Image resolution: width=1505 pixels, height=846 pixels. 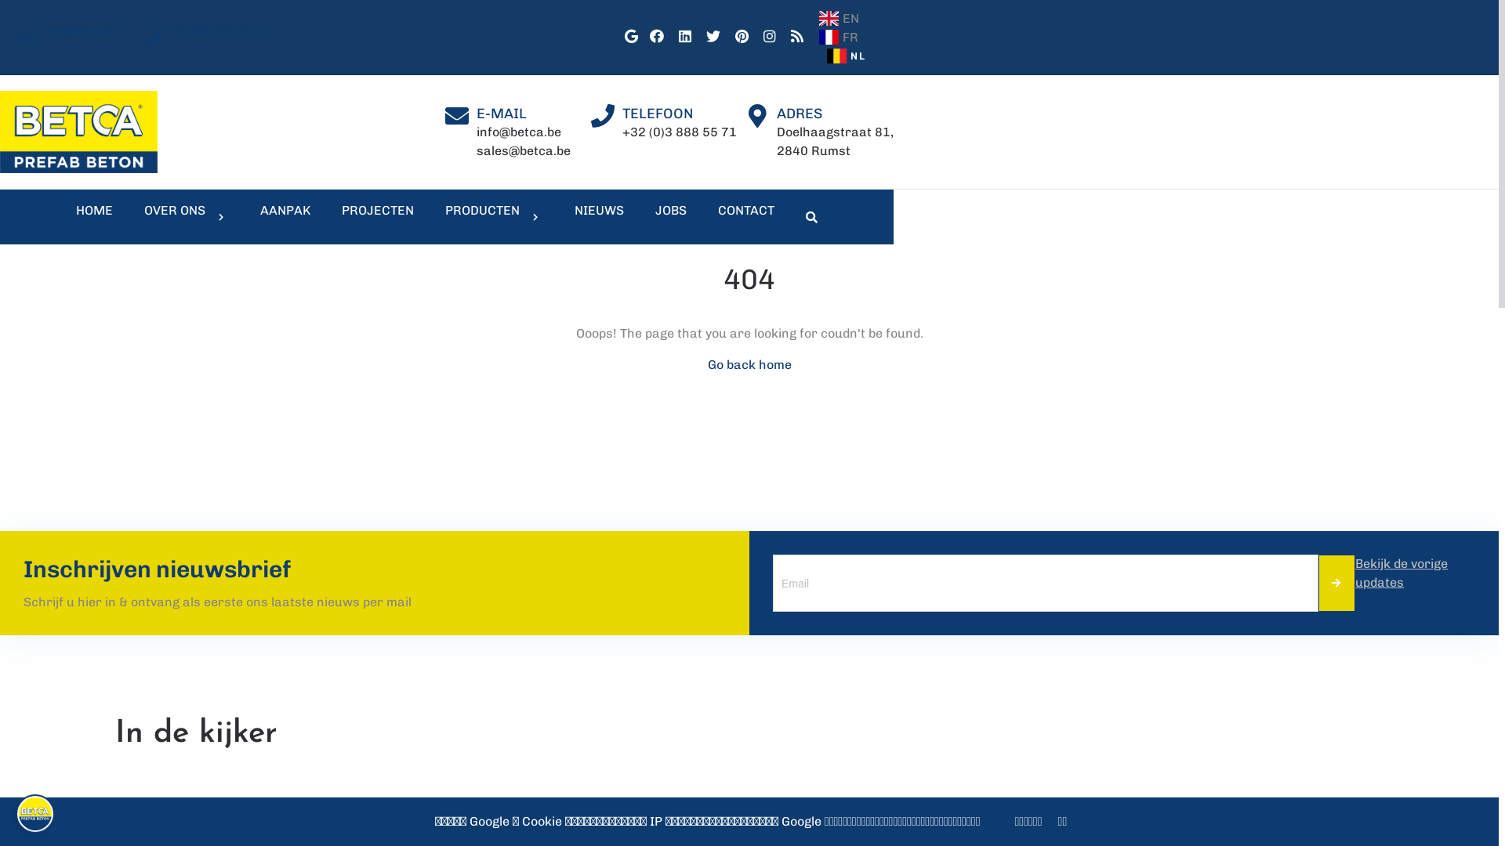 What do you see at coordinates (493, 217) in the screenshot?
I see `'PRODUCTEN'` at bounding box center [493, 217].